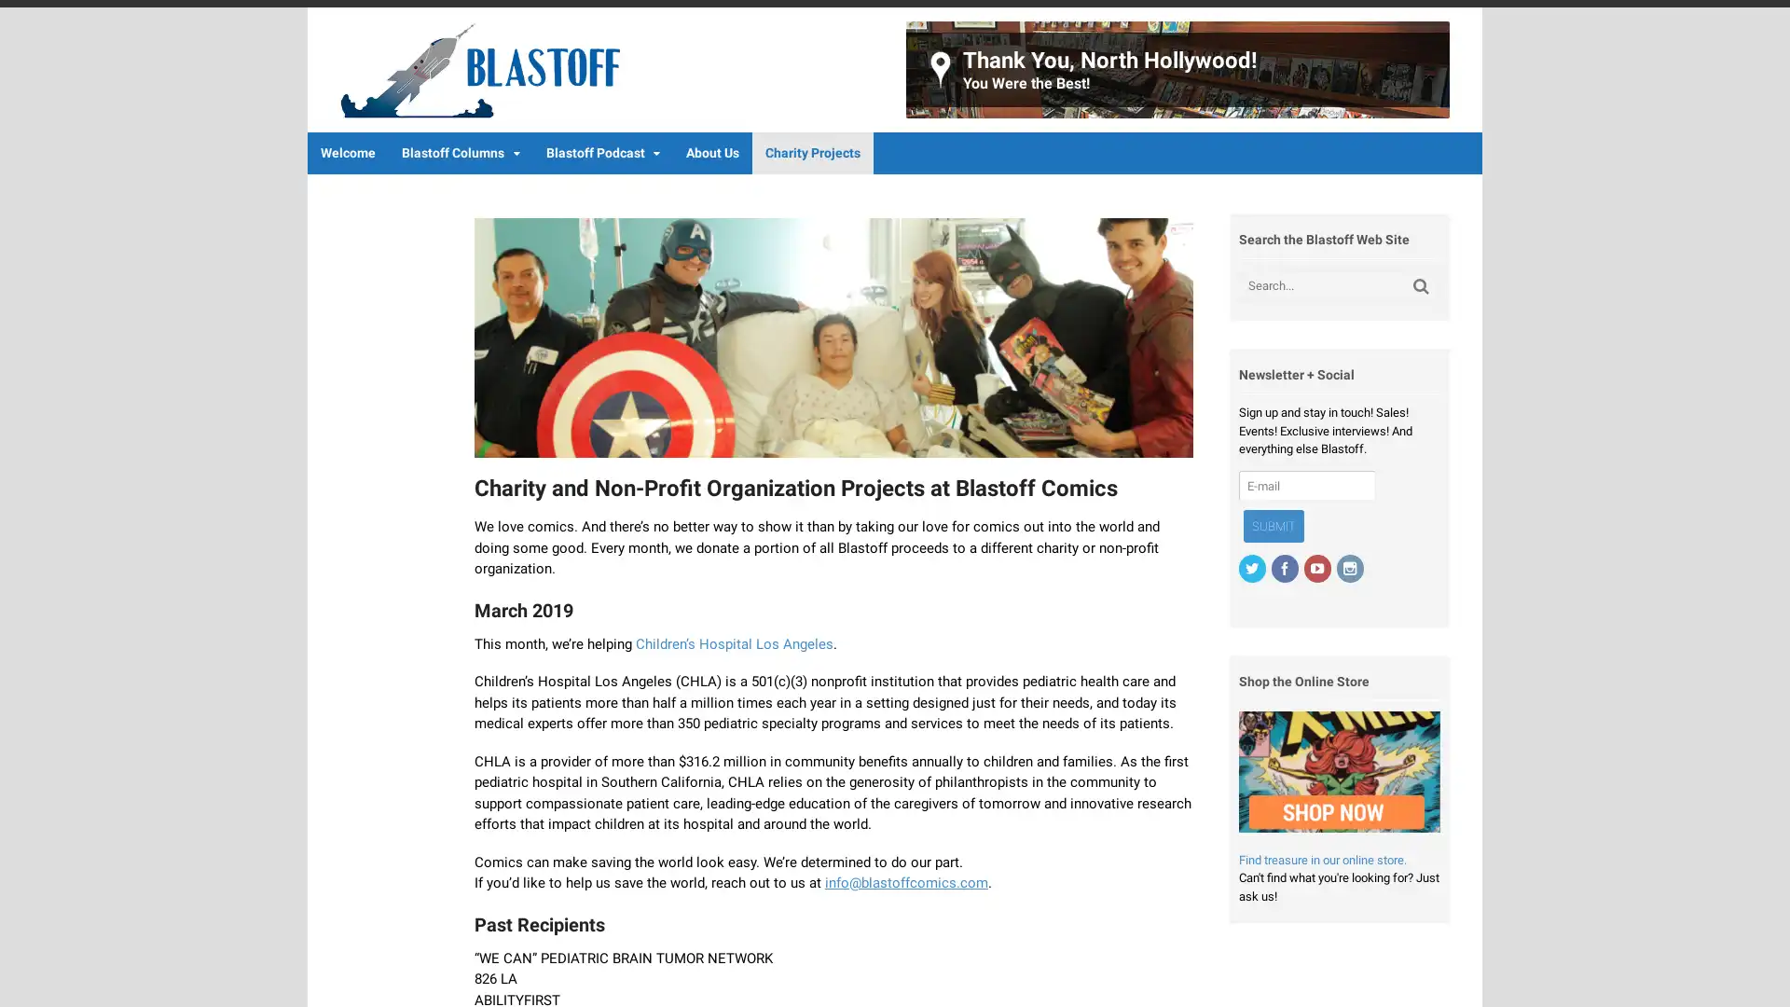 The image size is (1790, 1007). I want to click on Submit, so click(1272, 526).